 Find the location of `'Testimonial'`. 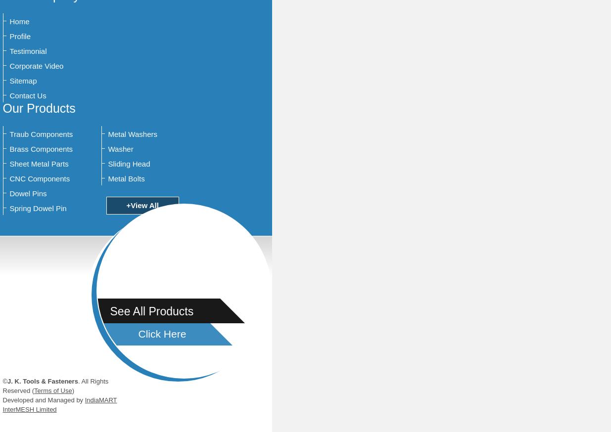

'Testimonial' is located at coordinates (27, 51).